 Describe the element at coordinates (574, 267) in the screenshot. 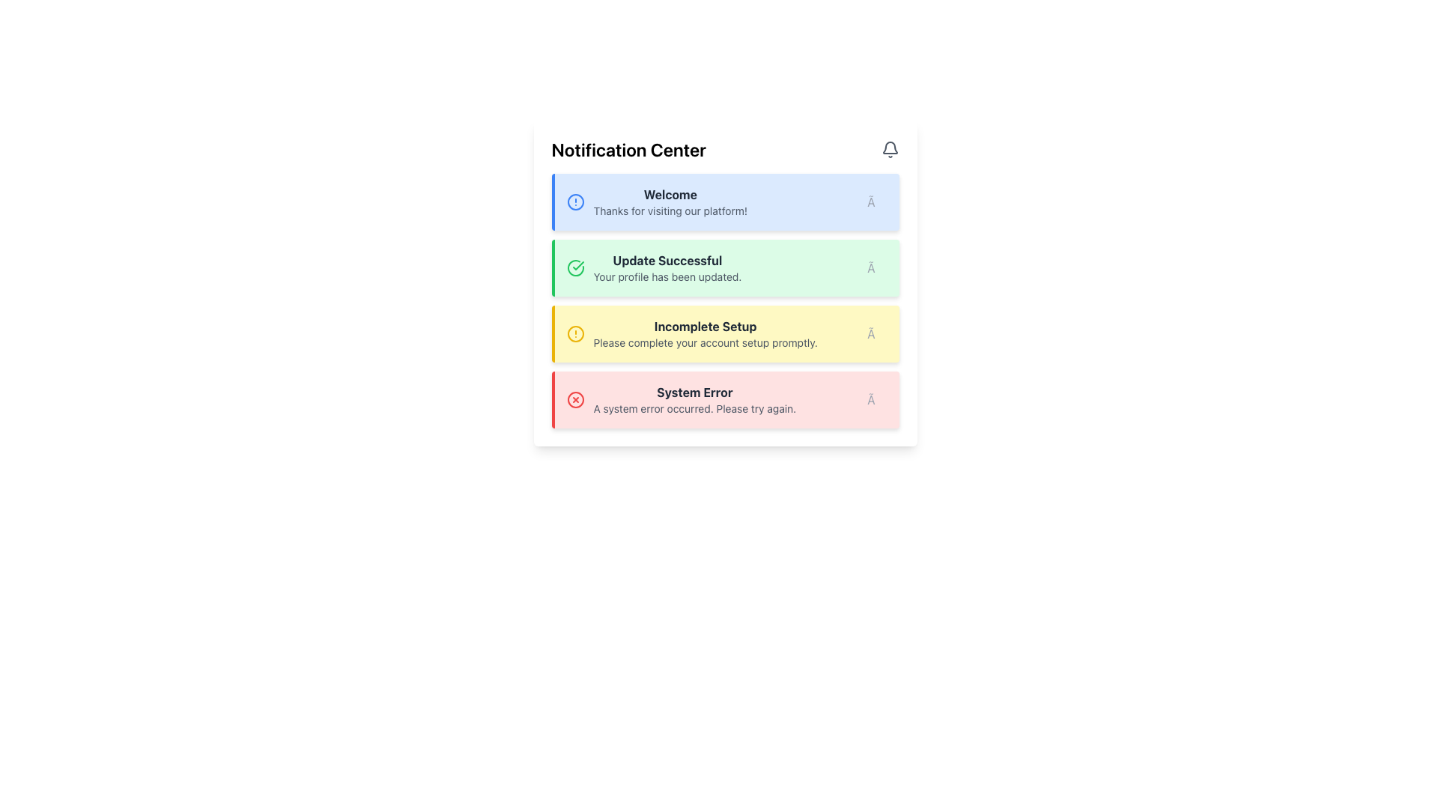

I see `significance of the upper segment of the circular checkmark icon, which visually conveys success or confirmation within the 'Update Successful' notification card` at that location.